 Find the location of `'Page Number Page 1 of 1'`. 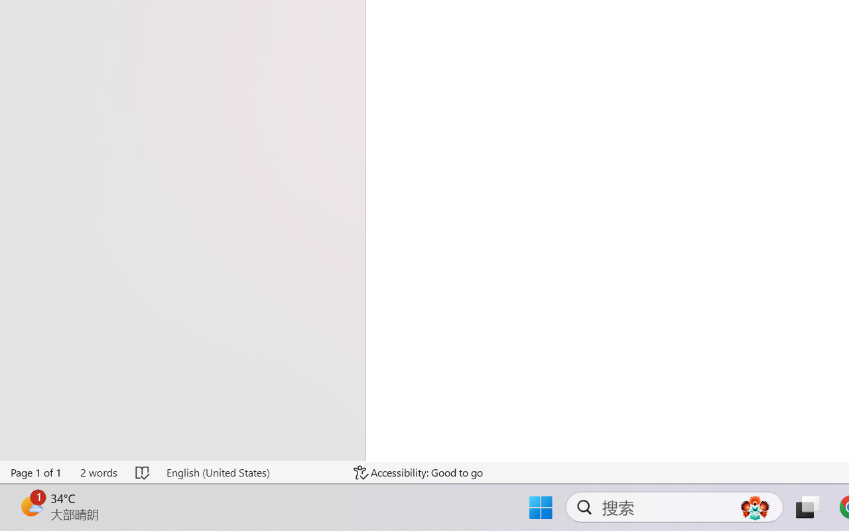

'Page Number Page 1 of 1' is located at coordinates (36, 472).